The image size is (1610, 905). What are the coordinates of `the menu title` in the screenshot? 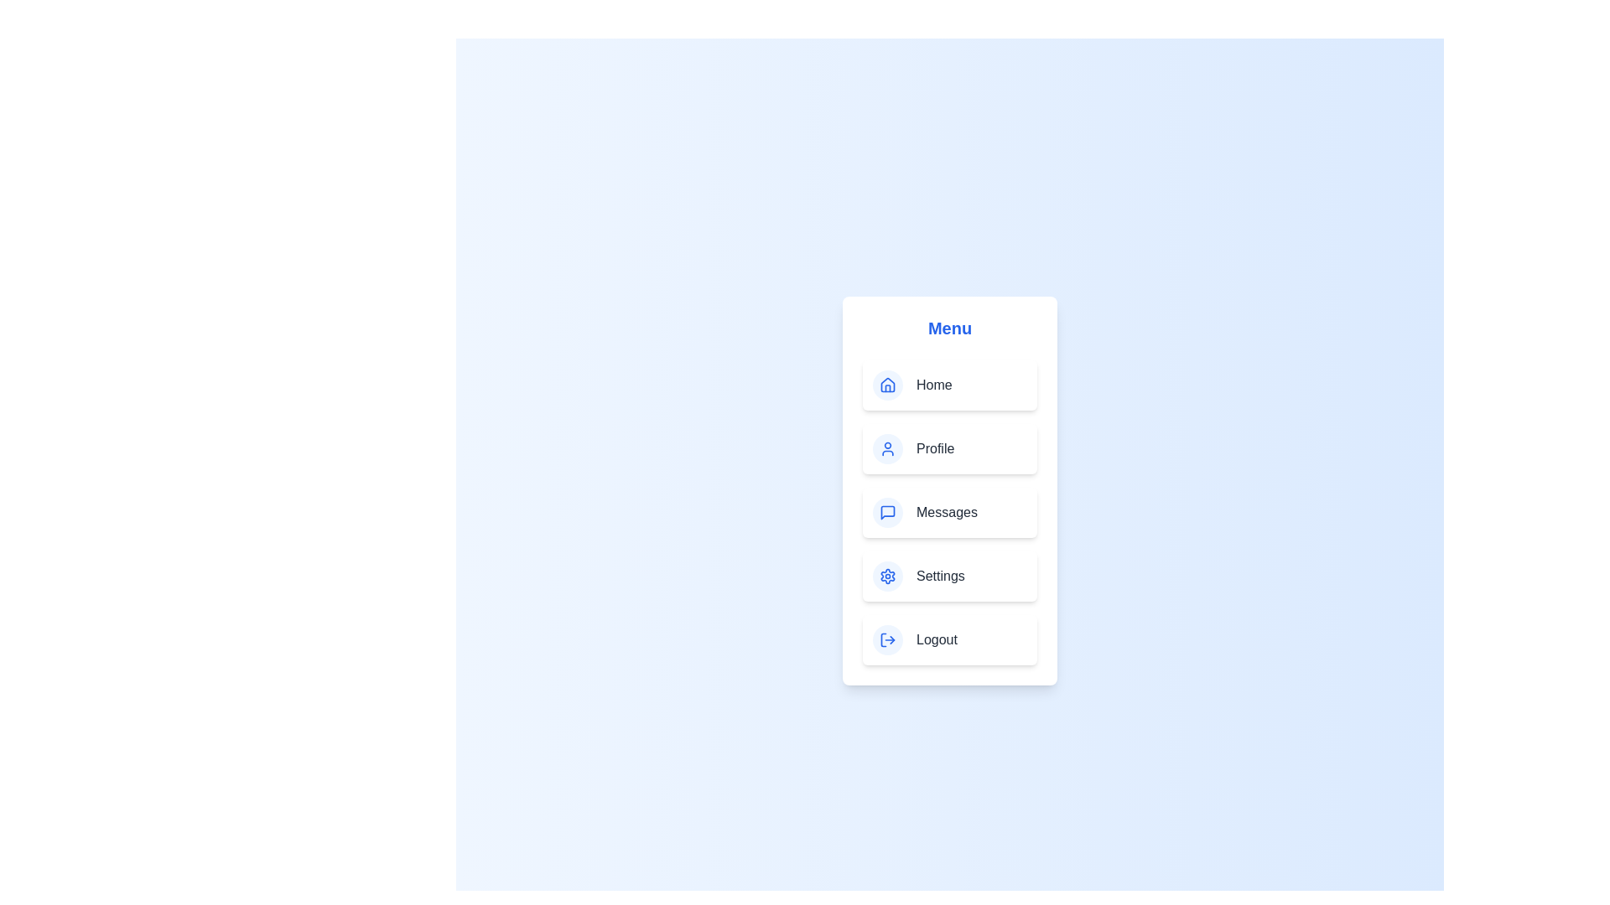 It's located at (949, 328).